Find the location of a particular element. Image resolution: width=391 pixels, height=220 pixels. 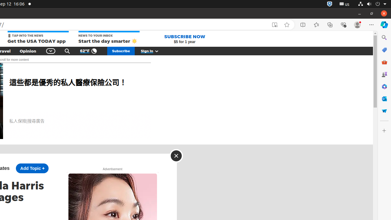

'Collections' is located at coordinates (330, 24).